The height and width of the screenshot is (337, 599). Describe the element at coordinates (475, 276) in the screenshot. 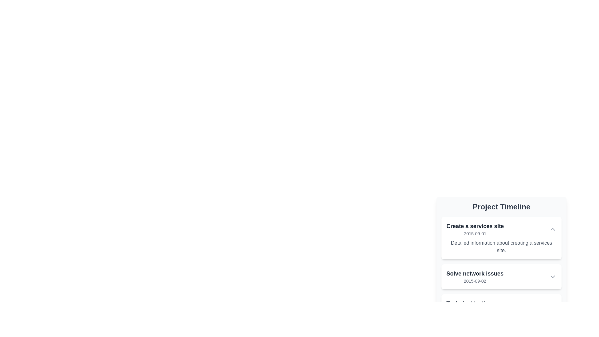

I see `the Text Component displaying 'Solve network issues' scheduled on '2015-09-02', which is the second item in the 'Project Timeline' list` at that location.